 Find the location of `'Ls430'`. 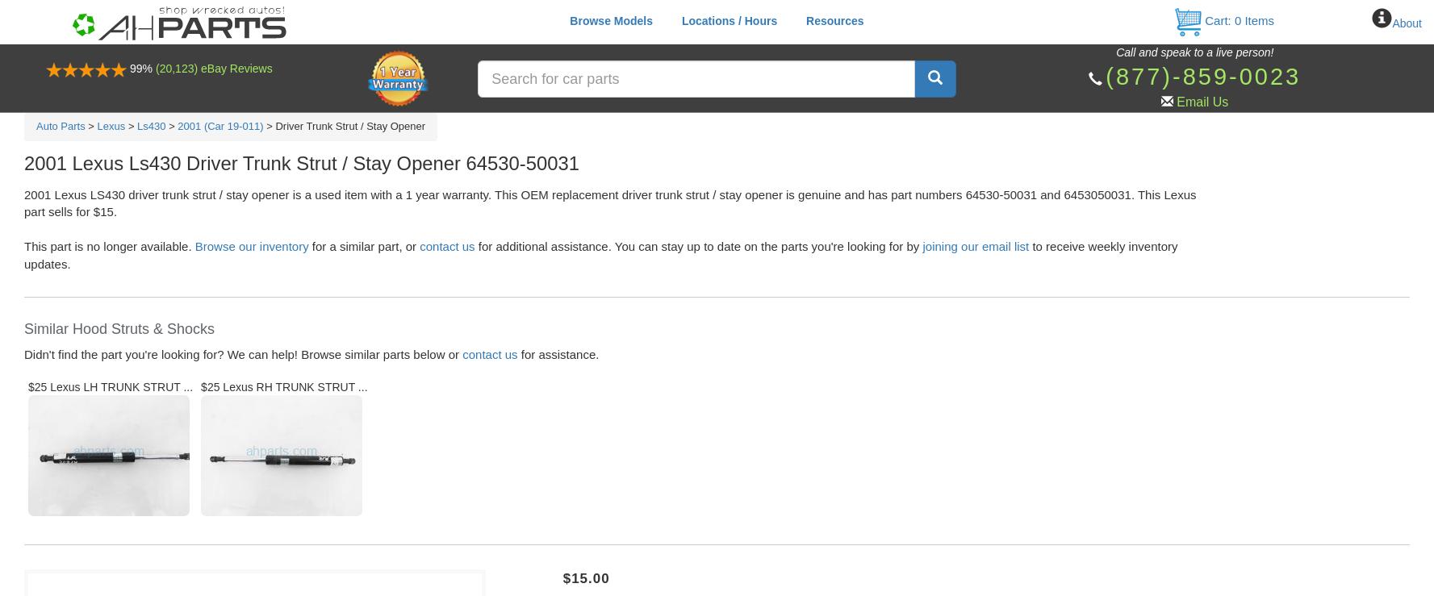

'Ls430' is located at coordinates (150, 125).